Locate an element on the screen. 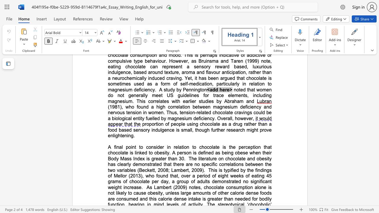 The image size is (379, 213). the subset text "g rather than a food based sensory indulgence is small, though further researc" within the text "proportion of people using chocolate as a drug rather than a food based sensory indulgence is small, though further research might prove enlightening." is located at coordinates (240, 124).